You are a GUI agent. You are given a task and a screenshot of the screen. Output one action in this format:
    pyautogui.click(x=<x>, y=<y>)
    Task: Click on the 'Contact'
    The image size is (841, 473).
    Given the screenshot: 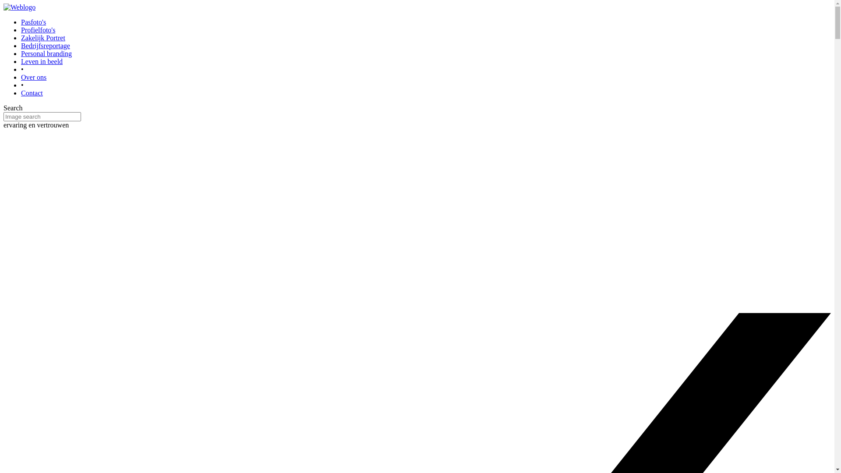 What is the action you would take?
    pyautogui.click(x=32, y=93)
    